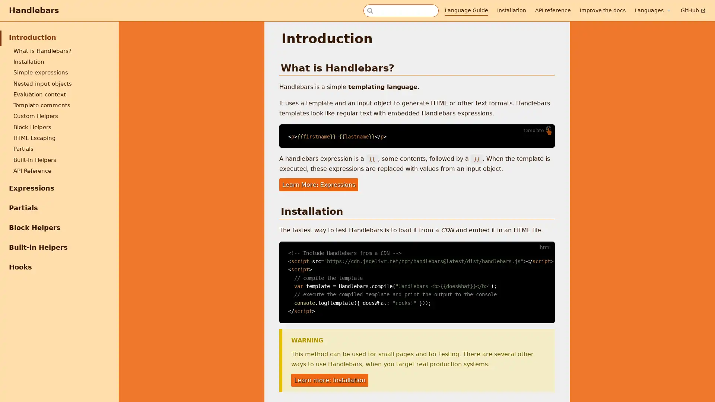 Image resolution: width=715 pixels, height=402 pixels. I want to click on Languages, so click(652, 10).